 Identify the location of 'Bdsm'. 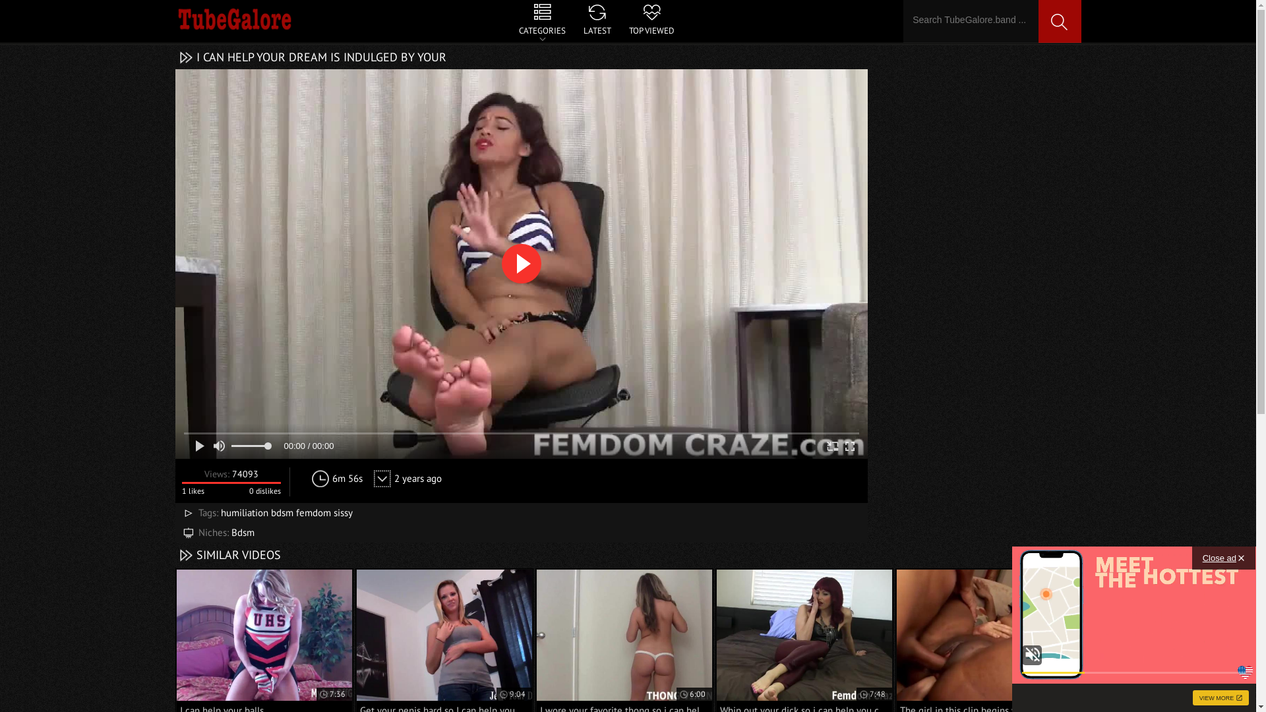
(242, 531).